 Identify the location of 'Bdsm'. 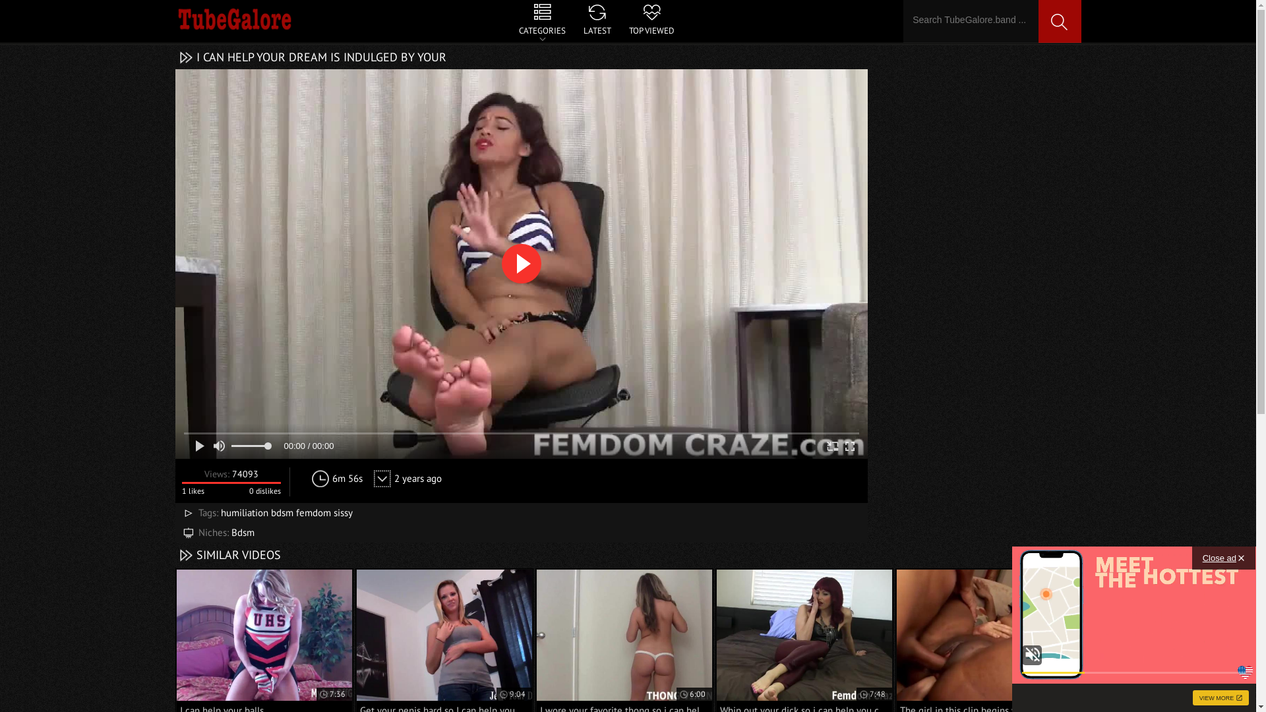
(242, 531).